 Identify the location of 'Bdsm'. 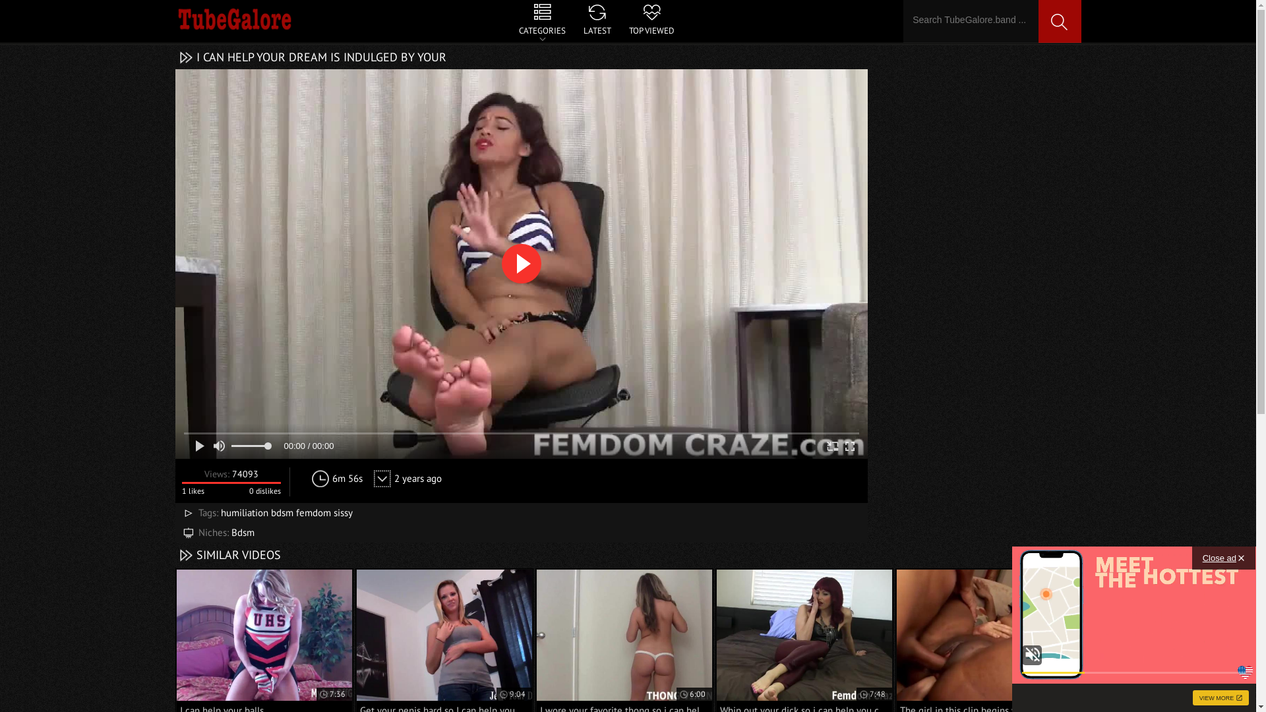
(242, 531).